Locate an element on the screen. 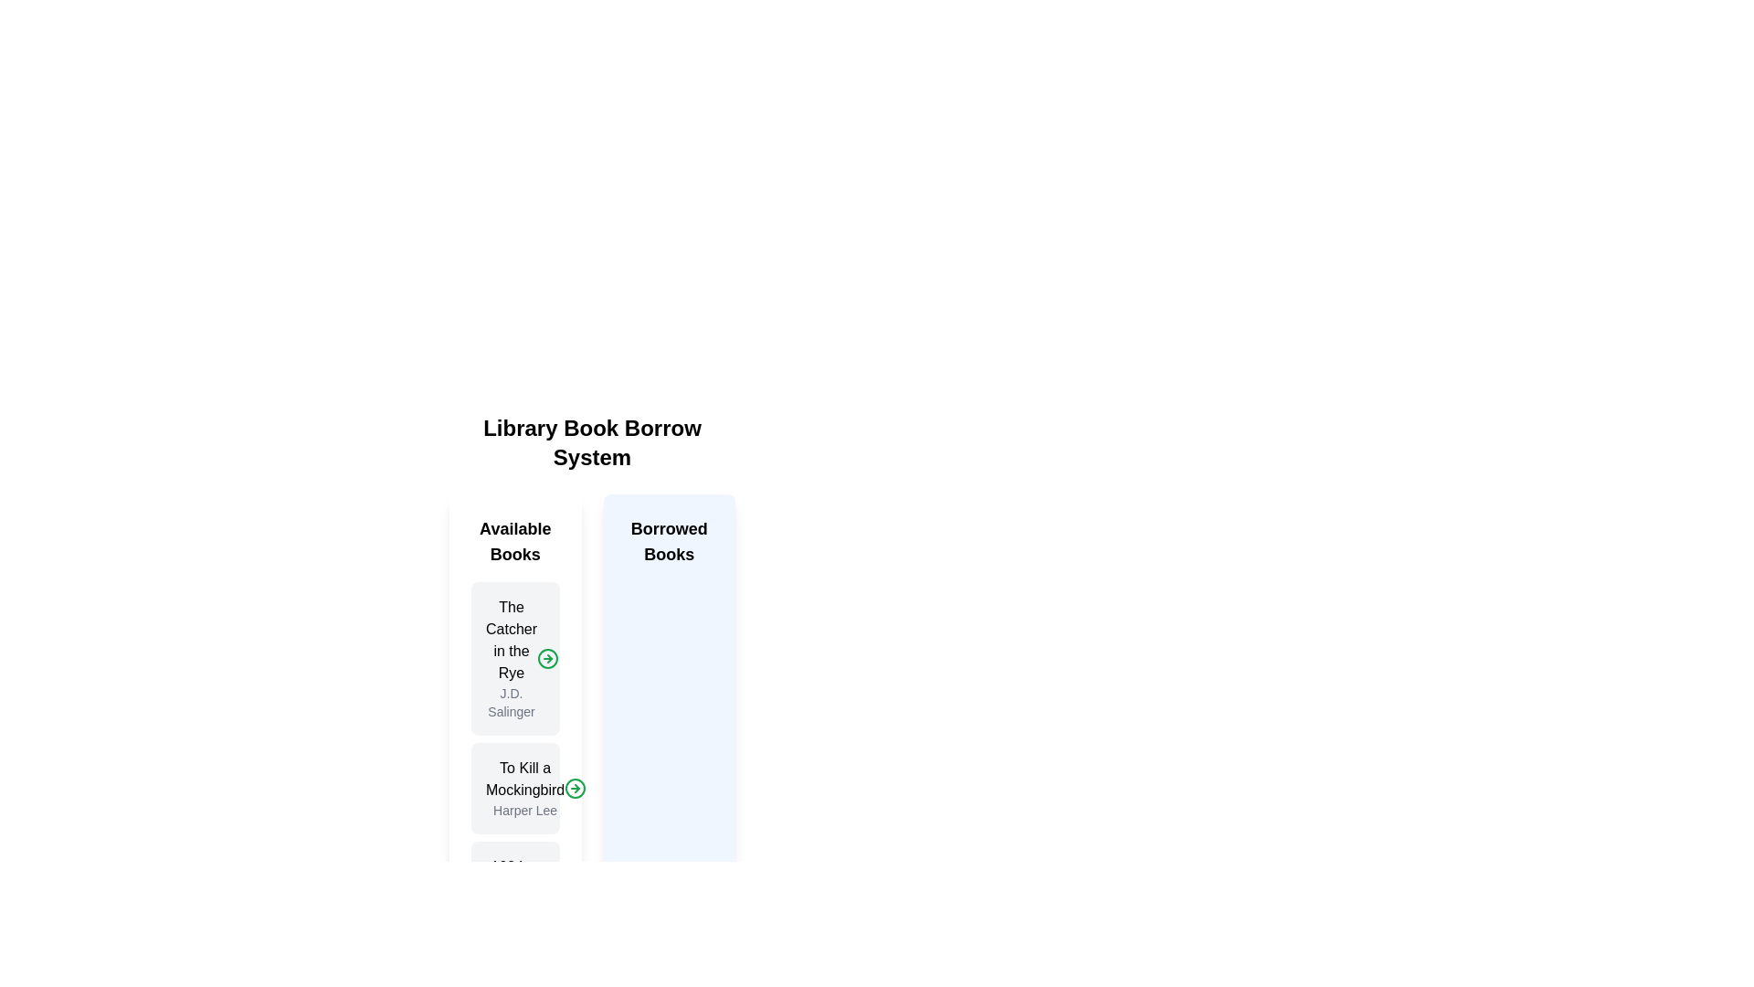 The width and height of the screenshot is (1754, 987). the text label displaying 'Harper Lee' located below the book title 'To Kill a Mockingbird' in the 'Available Books' section is located at coordinates (524, 810).